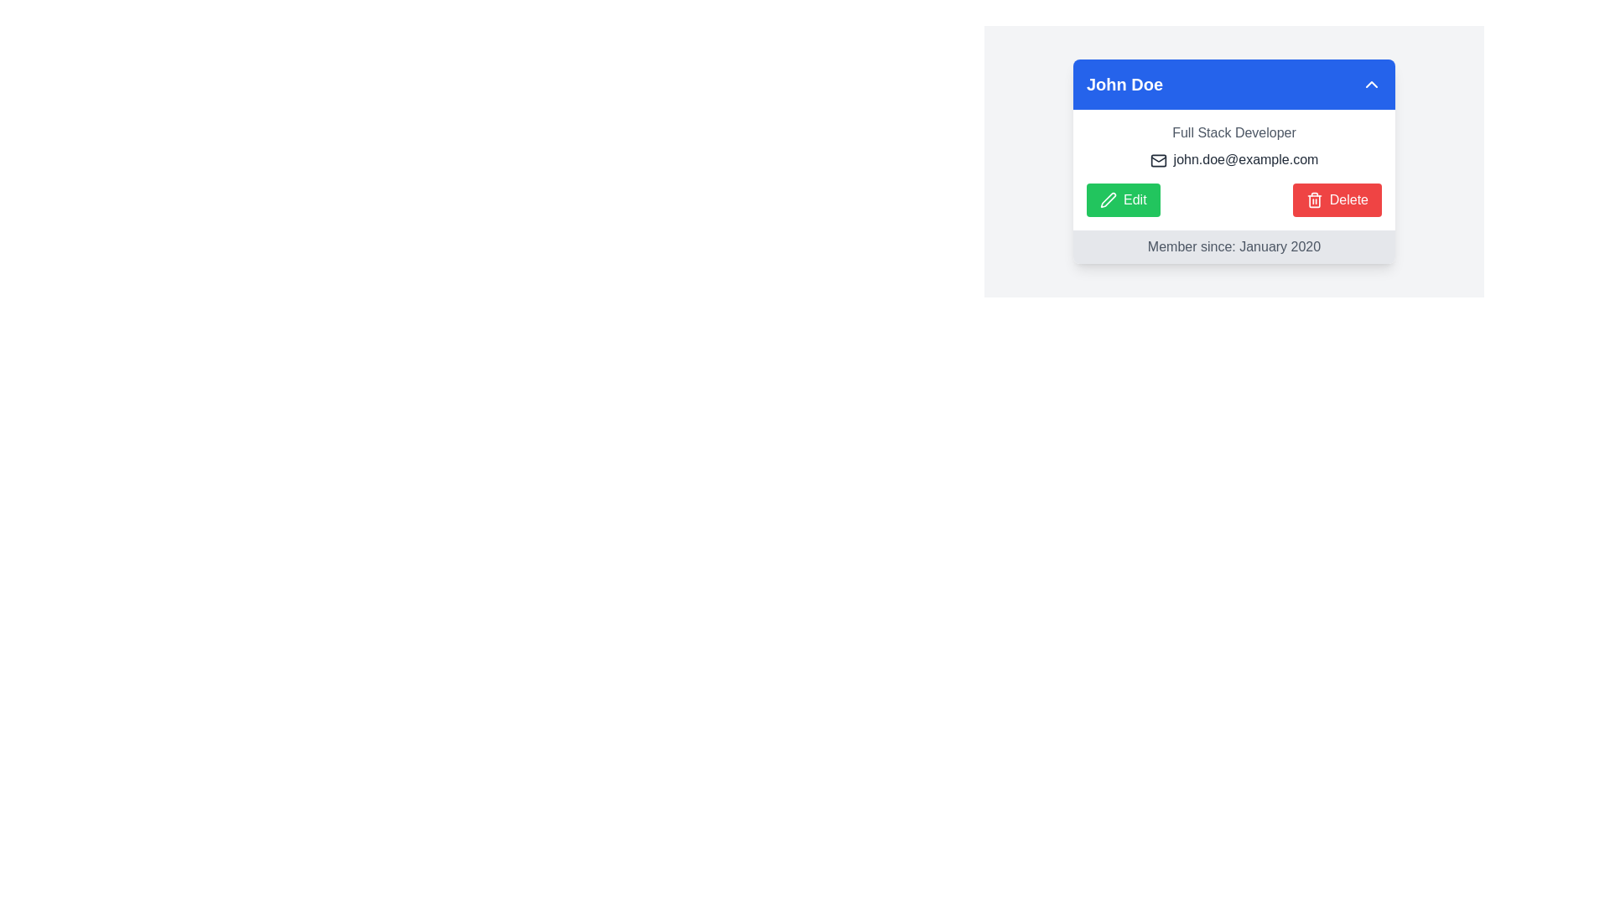  Describe the element at coordinates (1372, 84) in the screenshot. I see `the downward chevron icon located in the top right corner of the blue header section` at that location.